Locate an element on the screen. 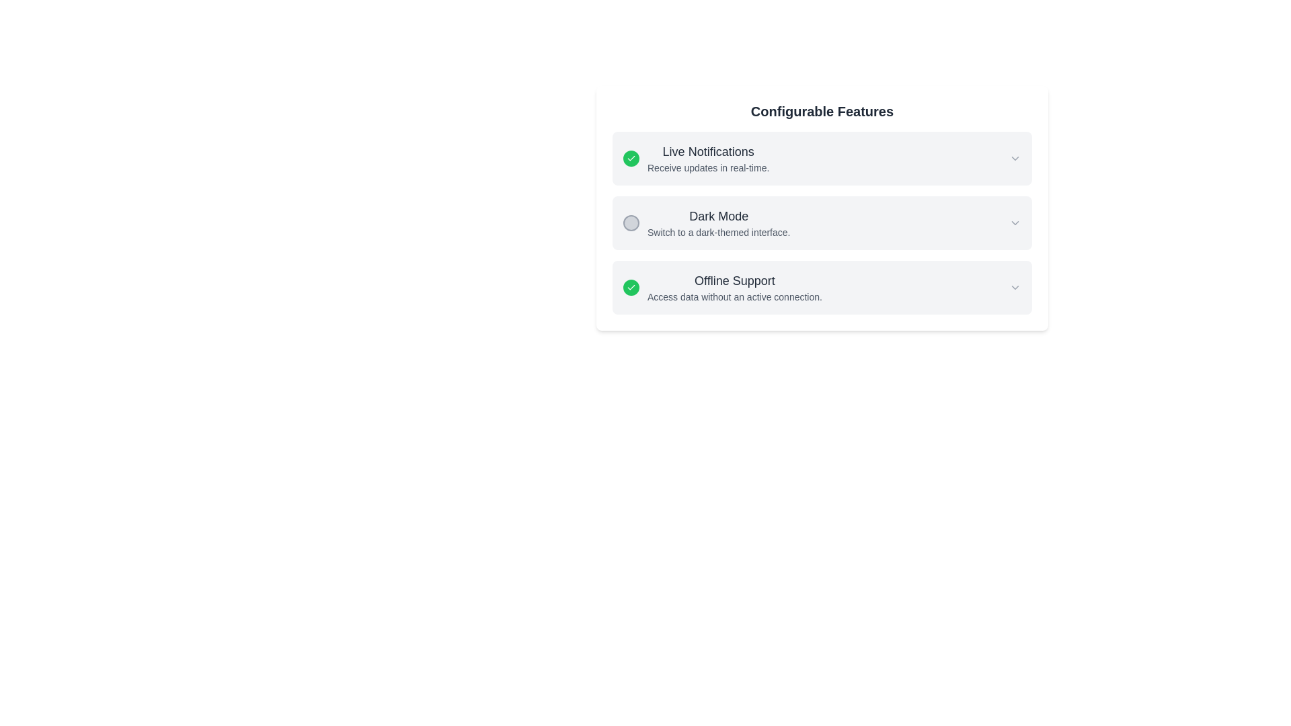 The image size is (1291, 726). the text label displaying 'Switch to a dark-themed interface.' located beneath the 'Dark Mode' title is located at coordinates (718, 232).